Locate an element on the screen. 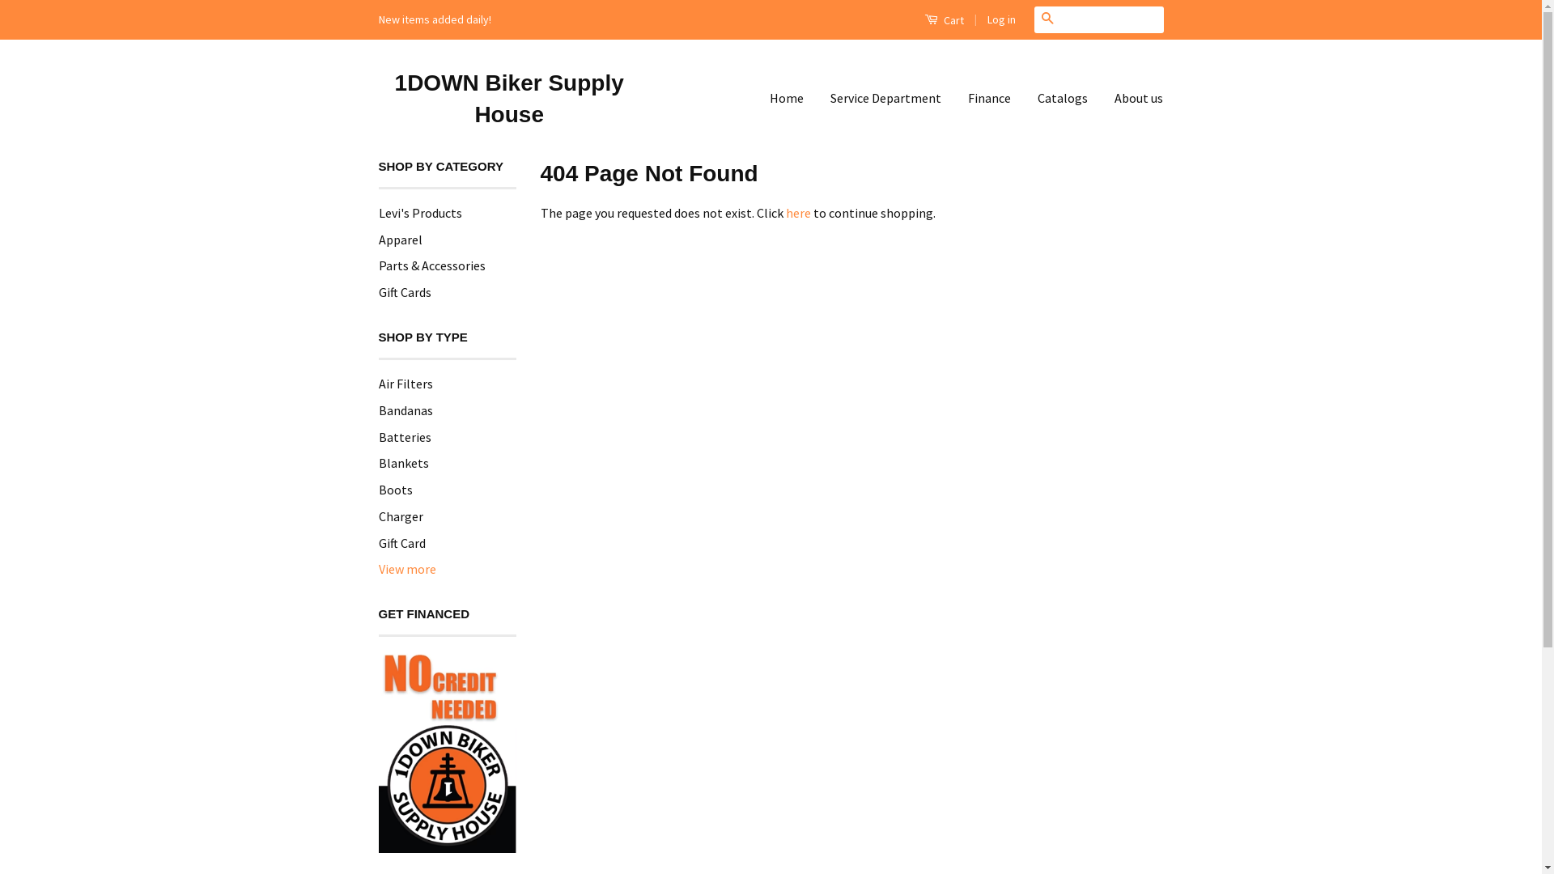  'Parts & Accessories' is located at coordinates (431, 264).